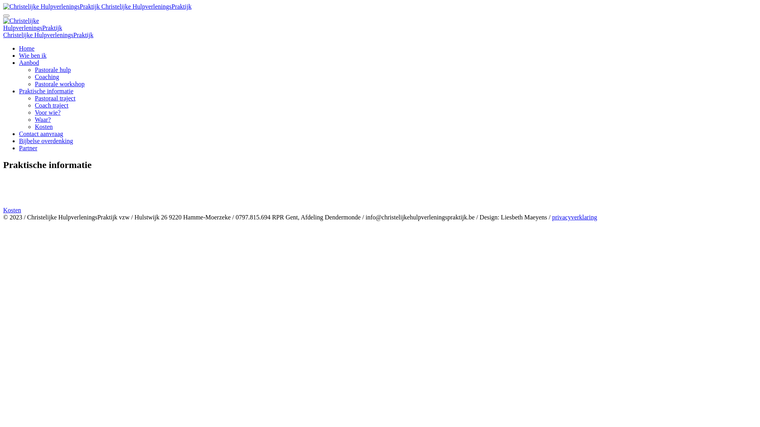 This screenshot has height=427, width=760. Describe the element at coordinates (59, 84) in the screenshot. I see `'Pastorale workshop'` at that location.